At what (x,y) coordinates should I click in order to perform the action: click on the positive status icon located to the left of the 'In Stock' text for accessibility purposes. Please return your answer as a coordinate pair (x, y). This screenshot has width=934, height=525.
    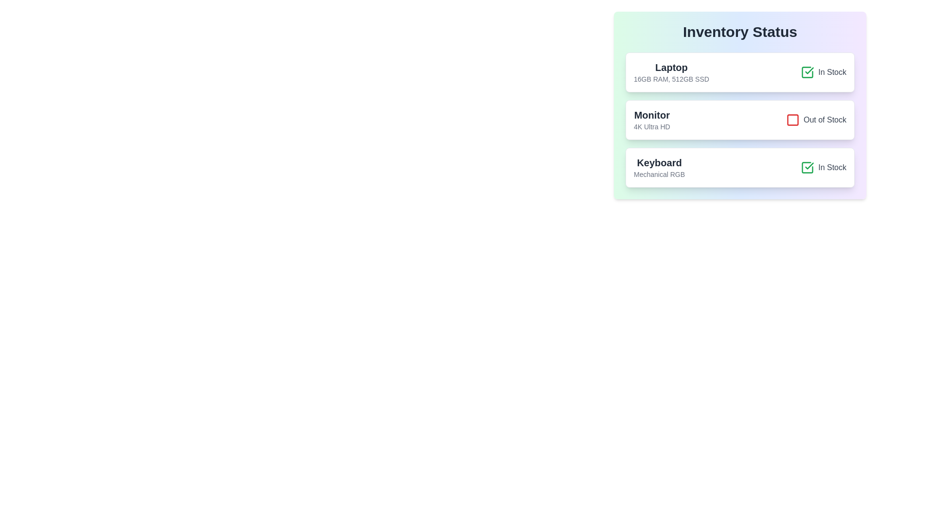
    Looking at the image, I should click on (808, 167).